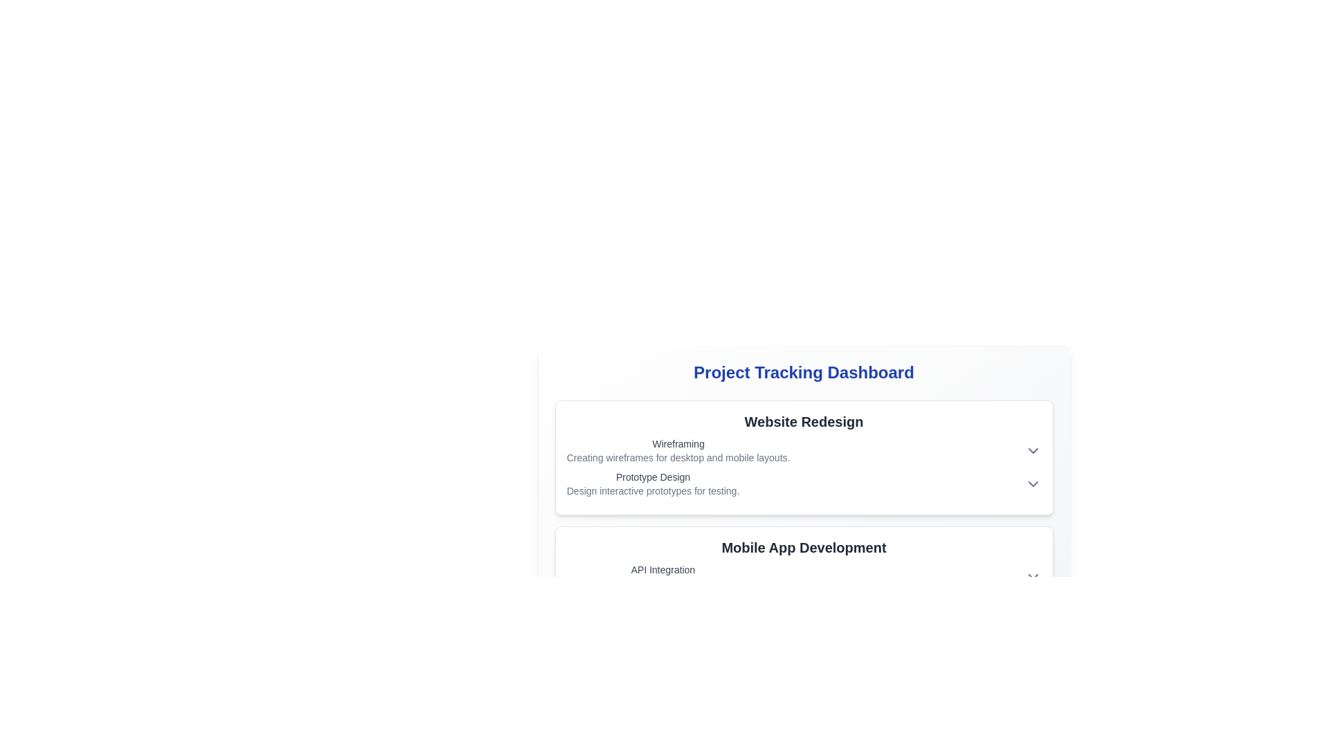  Describe the element at coordinates (804, 450) in the screenshot. I see `the text block titled 'Wireframing' with the description 'Creating wireframes for desktop and mobile layouts.' located in the 'Website Redesign' section of the project tracking dashboard` at that location.